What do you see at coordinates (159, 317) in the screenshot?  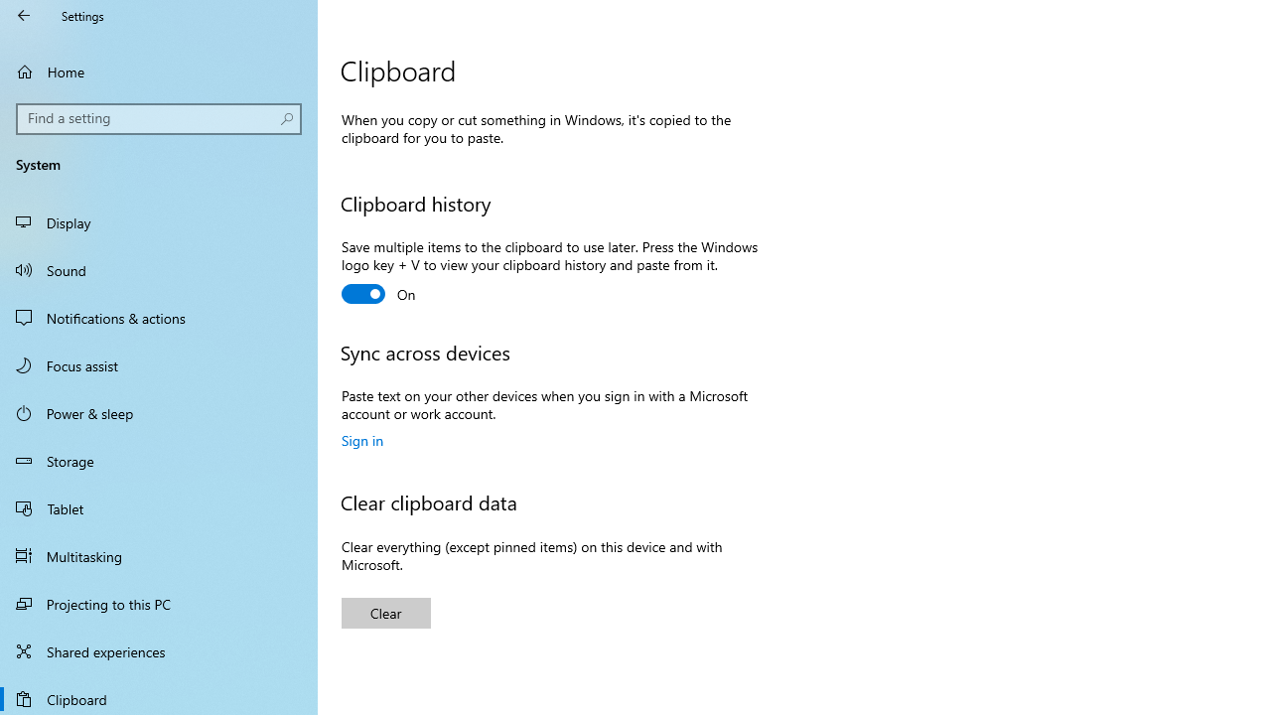 I see `'Notifications & actions'` at bounding box center [159, 317].